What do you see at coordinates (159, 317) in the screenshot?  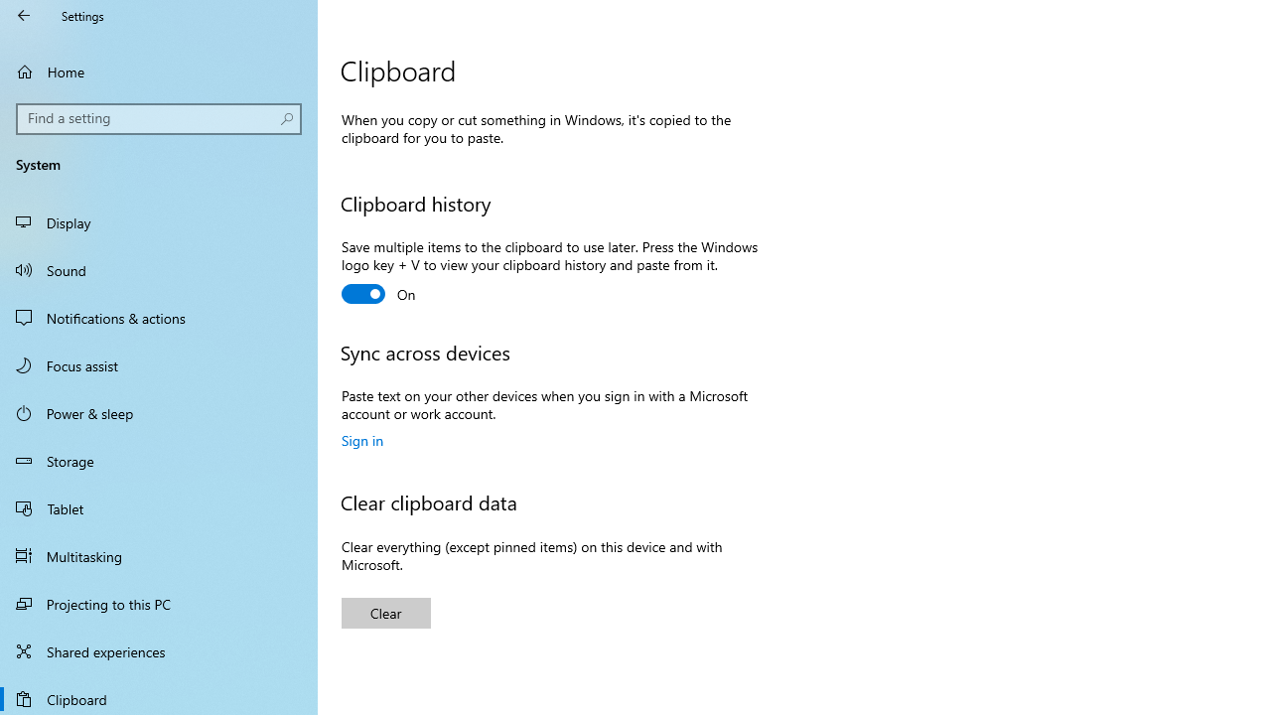 I see `'Notifications & actions'` at bounding box center [159, 317].